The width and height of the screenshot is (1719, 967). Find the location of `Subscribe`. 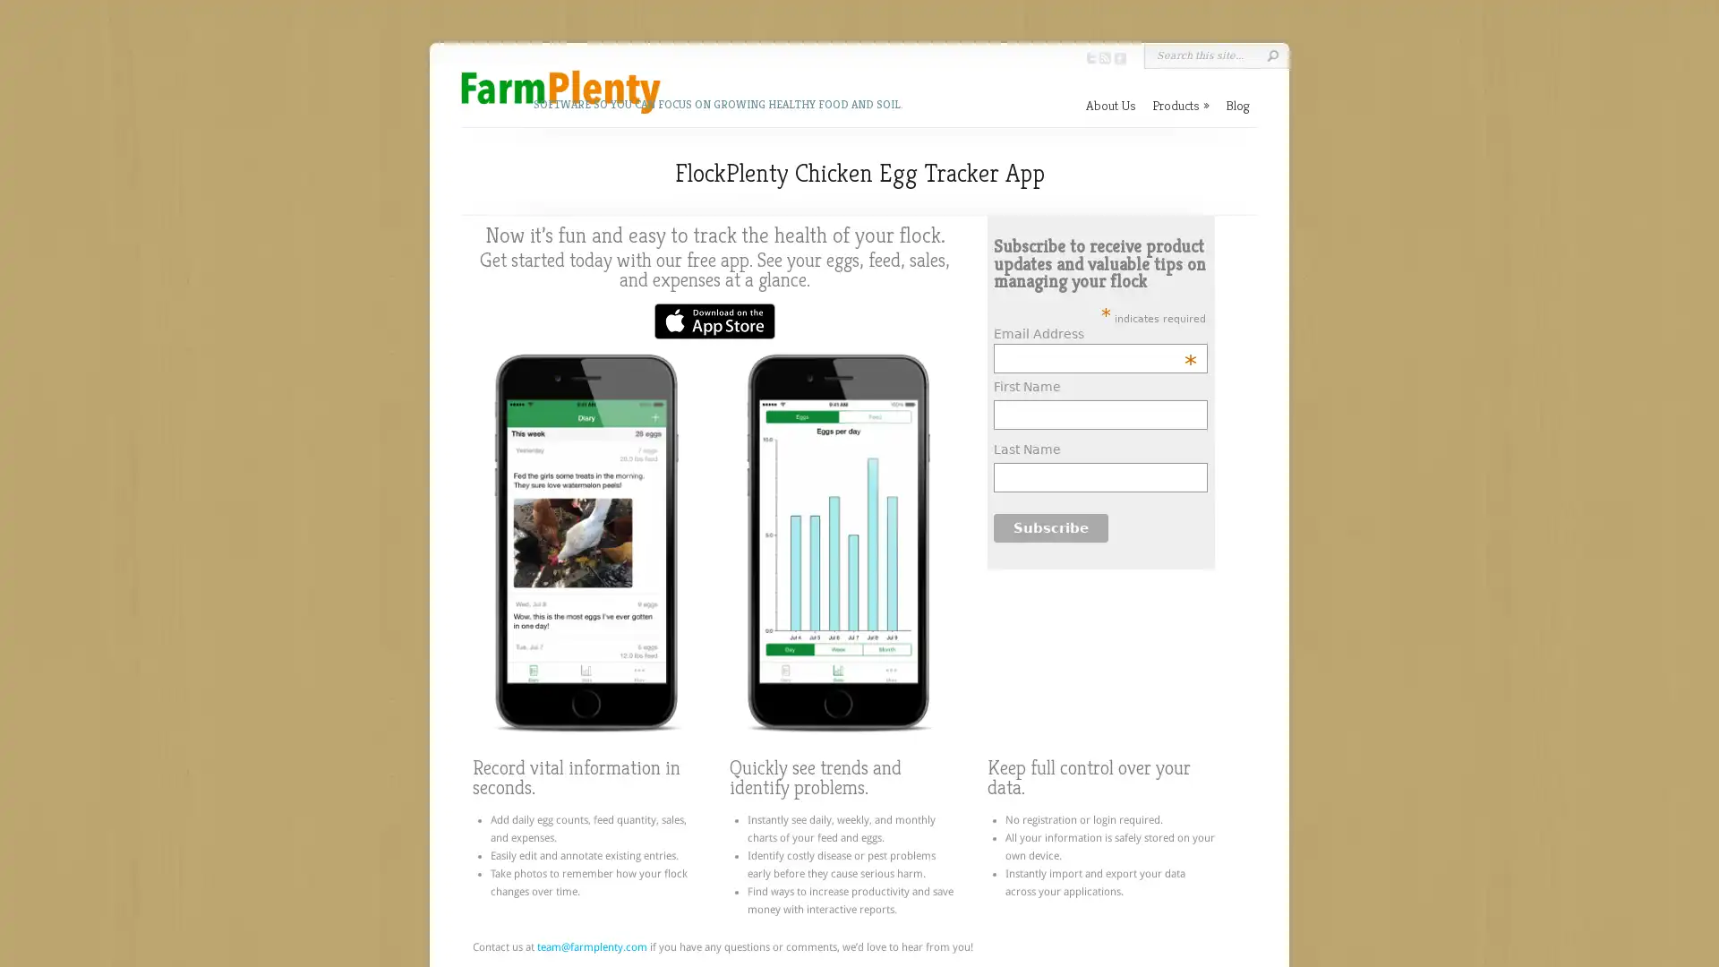

Subscribe is located at coordinates (1051, 526).